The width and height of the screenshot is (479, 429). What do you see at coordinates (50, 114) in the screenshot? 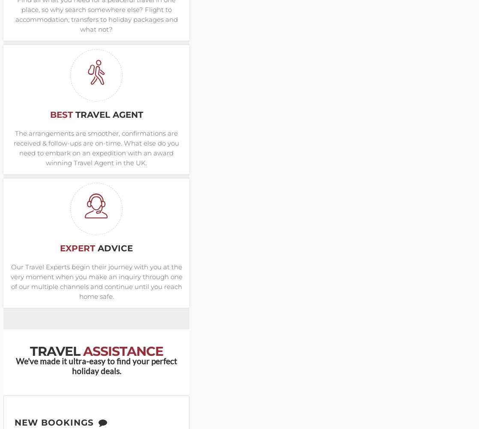
I see `'Best'` at bounding box center [50, 114].